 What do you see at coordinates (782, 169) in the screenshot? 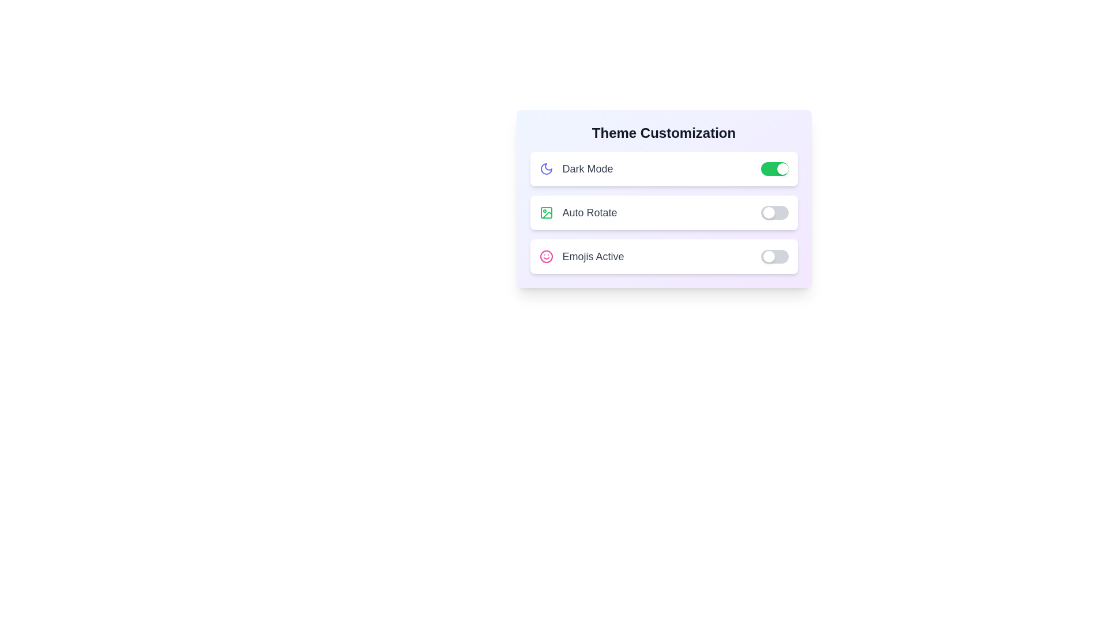
I see `the active toggle switch handle for 'Dark Mode' located at the far right of the green background to change its state` at bounding box center [782, 169].